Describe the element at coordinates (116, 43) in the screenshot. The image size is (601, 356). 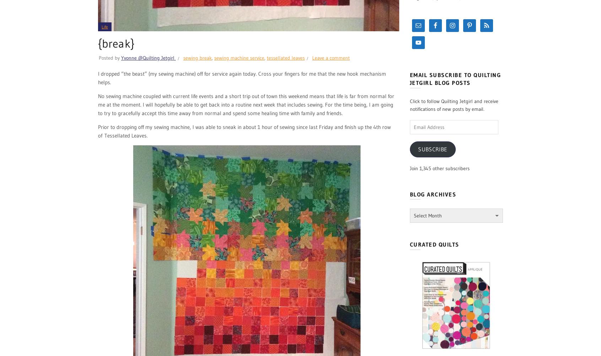
I see `'{break}'` at that location.